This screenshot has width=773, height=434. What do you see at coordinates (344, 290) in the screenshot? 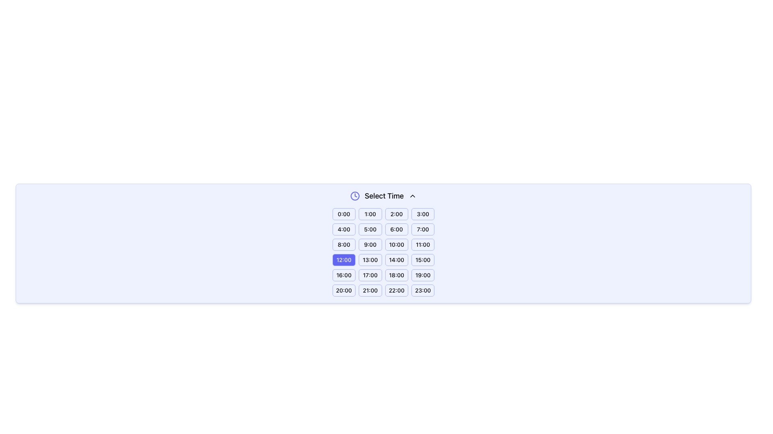
I see `the button labeled '20:00' which is a rectangular button with a white background and rounded light indigo border, located in the last row of a grid layout` at bounding box center [344, 290].